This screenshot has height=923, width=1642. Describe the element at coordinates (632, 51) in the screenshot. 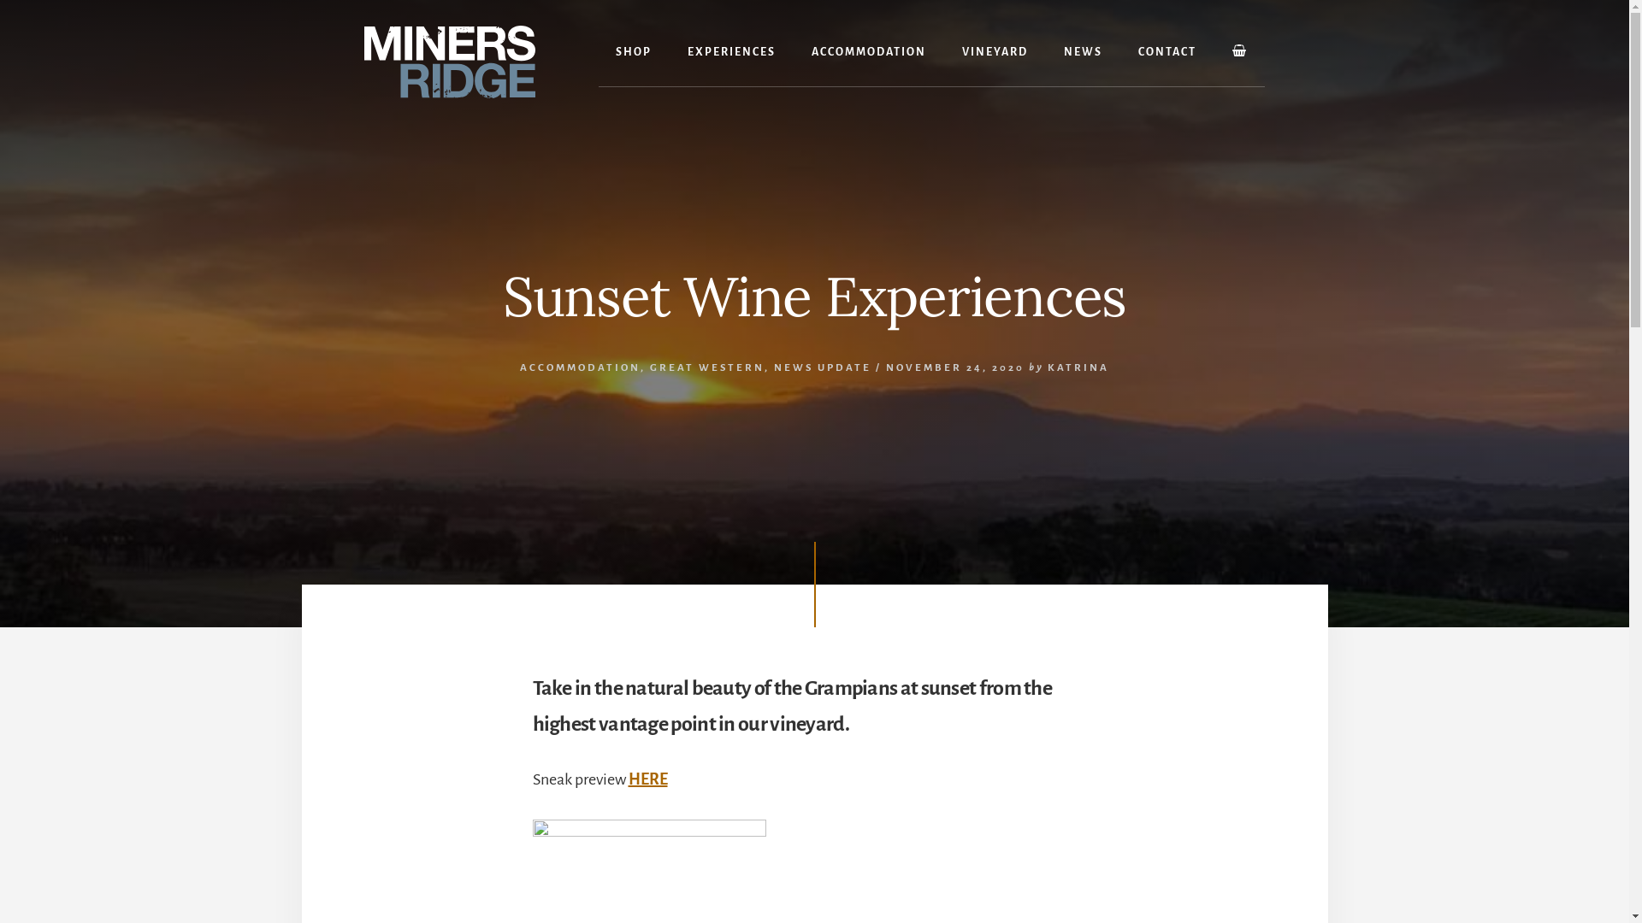

I see `'SHOP'` at that location.